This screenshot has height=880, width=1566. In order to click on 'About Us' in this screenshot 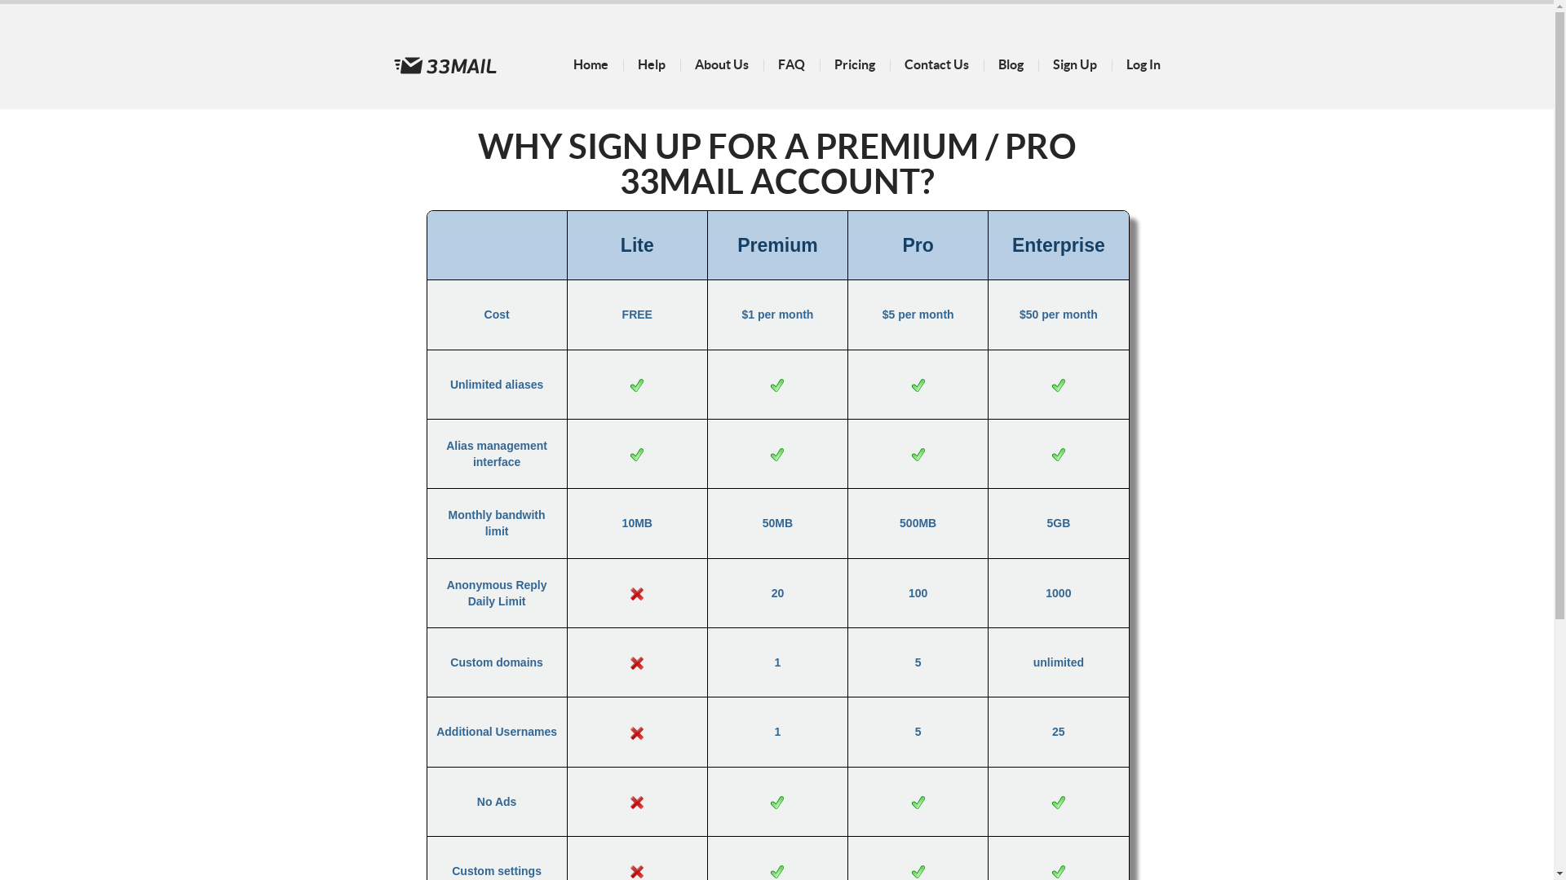, I will do `click(720, 63)`.